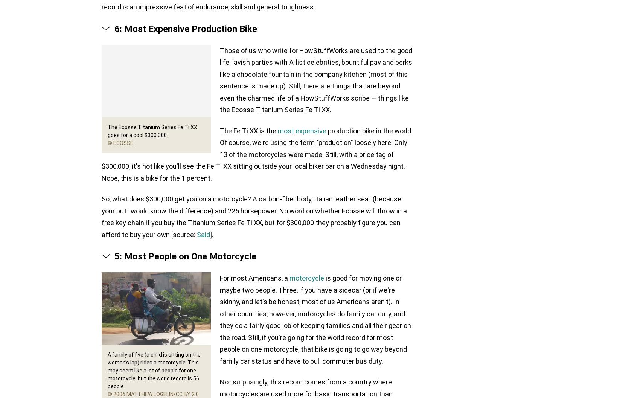 The height and width of the screenshot is (398, 643). What do you see at coordinates (307, 278) in the screenshot?
I see `'motorcycle'` at bounding box center [307, 278].